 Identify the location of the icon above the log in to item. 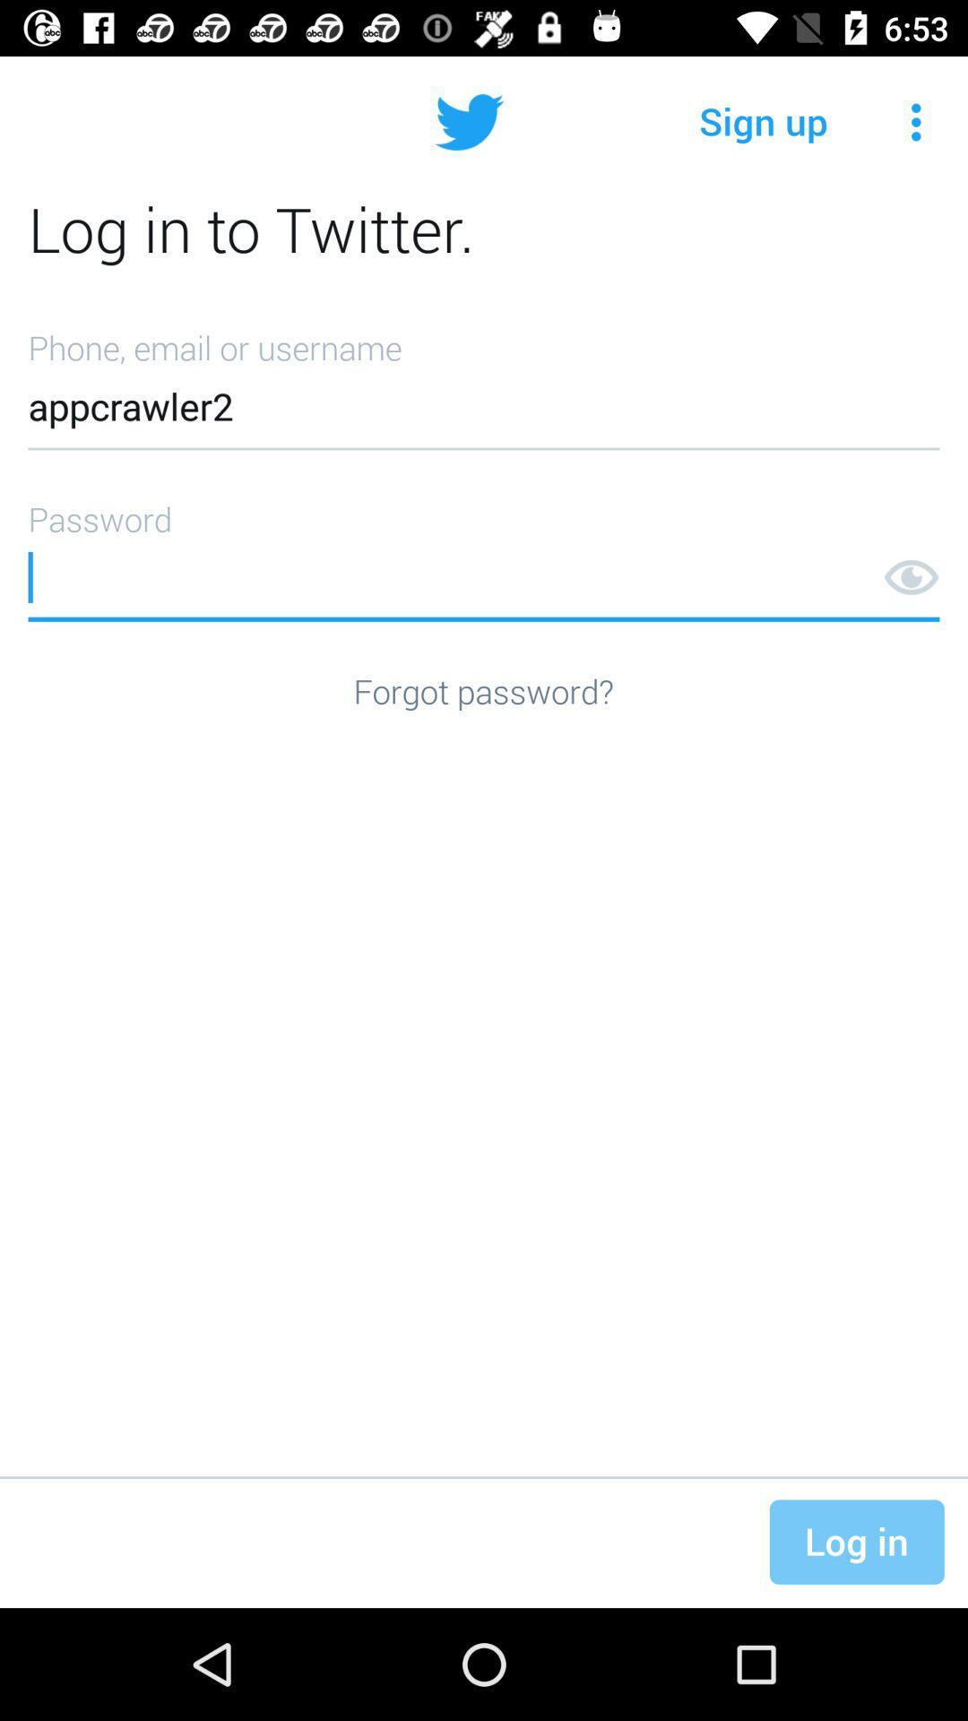
(764, 121).